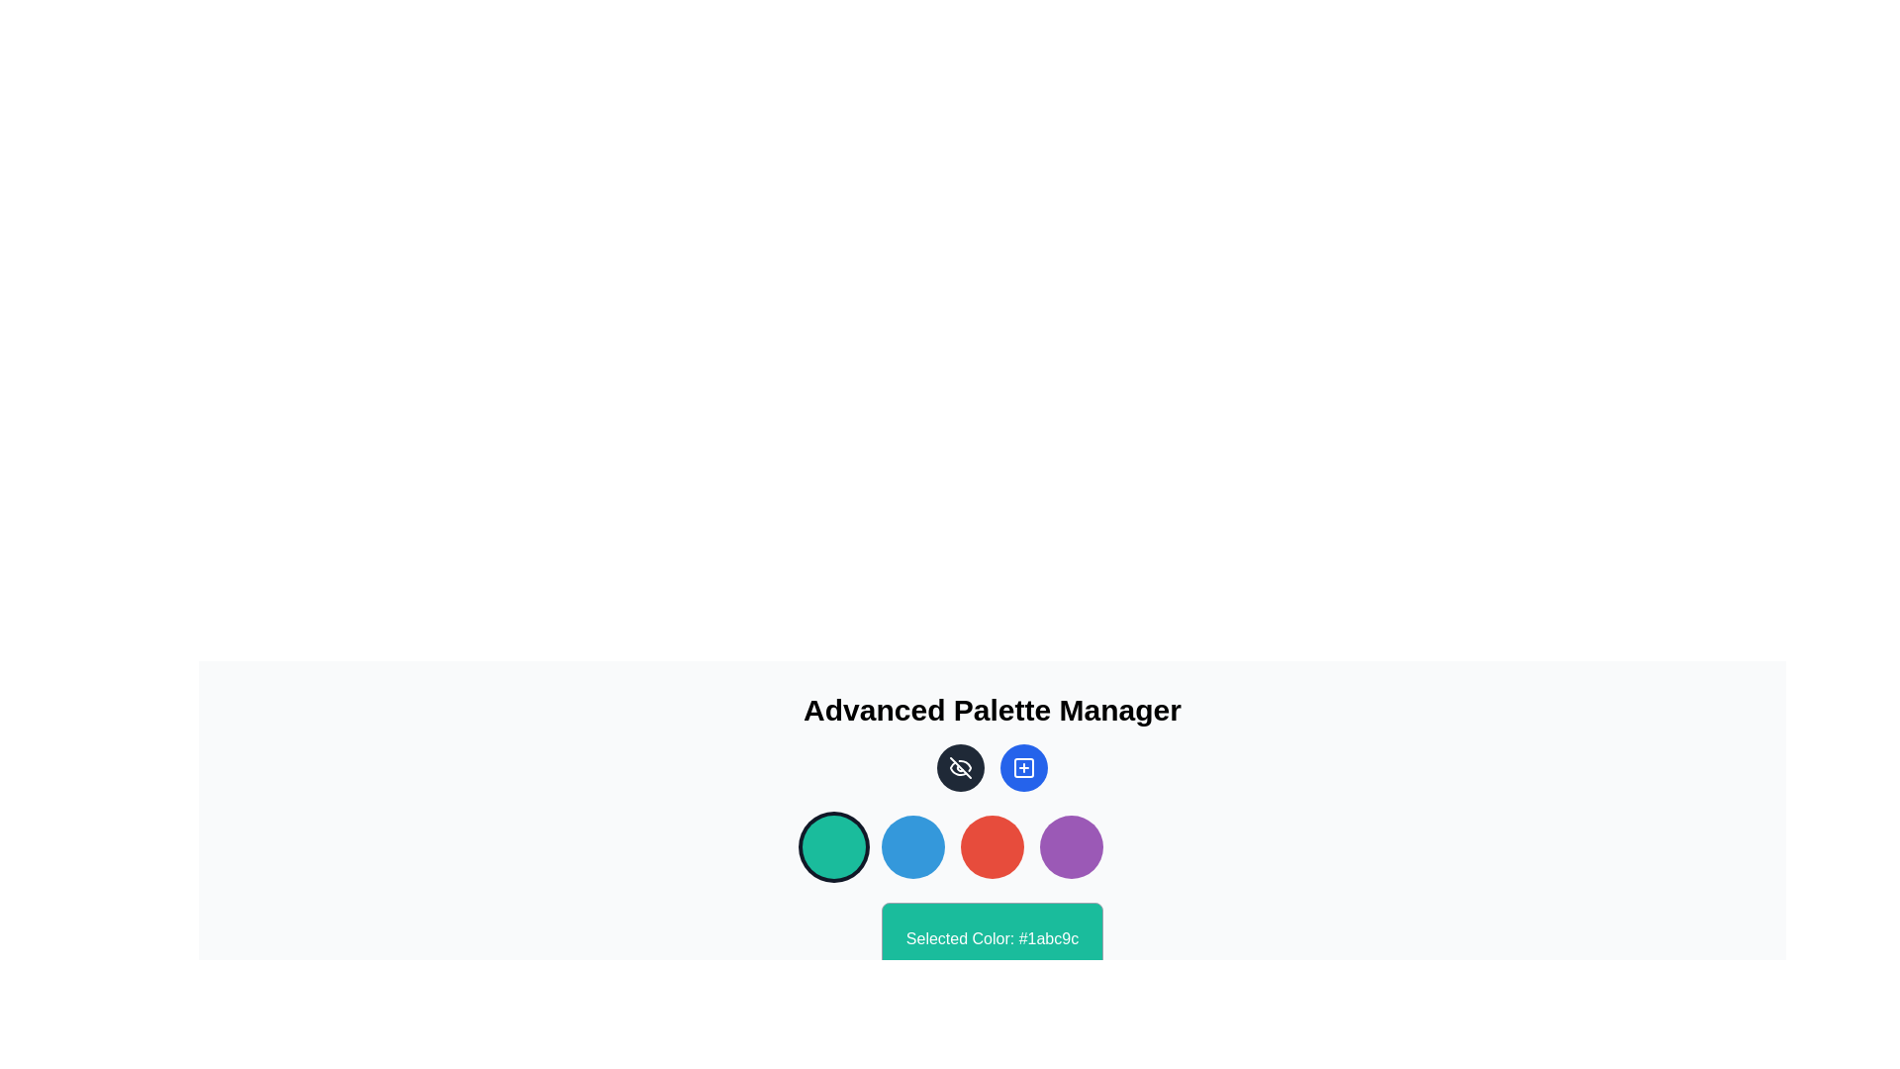 This screenshot has height=1069, width=1900. What do you see at coordinates (993, 846) in the screenshot?
I see `the circular button-like component with a red background, which is the third element in a row of four circles` at bounding box center [993, 846].